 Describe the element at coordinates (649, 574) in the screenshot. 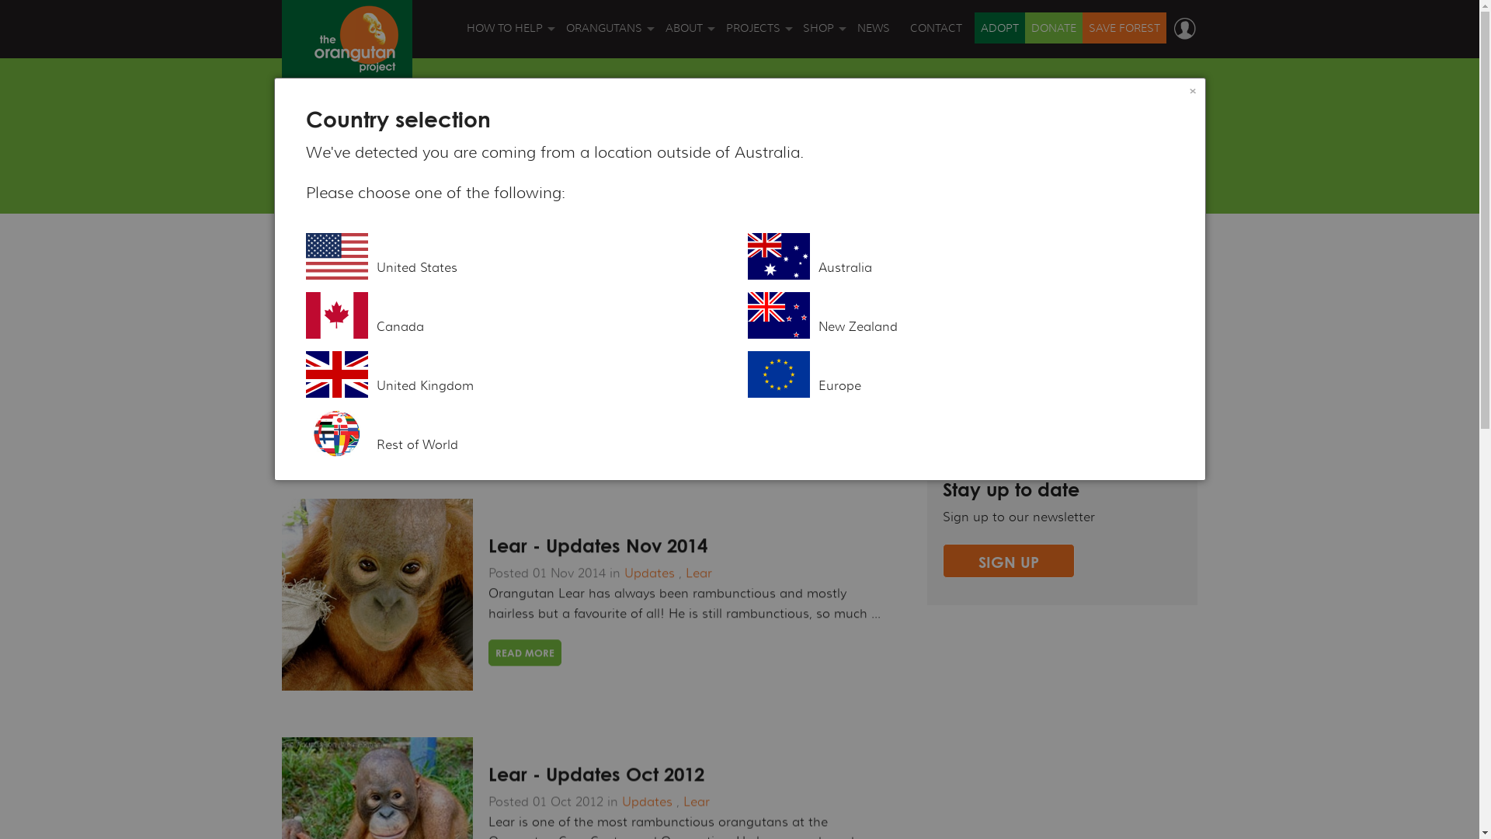

I see `'Updates'` at that location.